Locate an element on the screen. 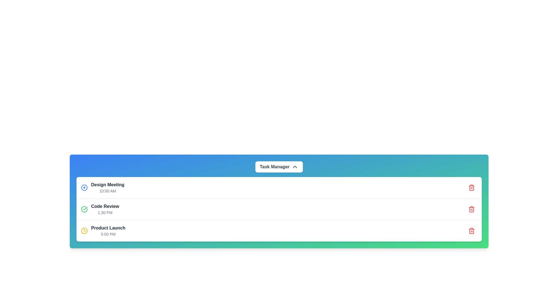  the circular red button with a trash bin icon located to the right of the 'Code Review' entry is located at coordinates (471, 209).